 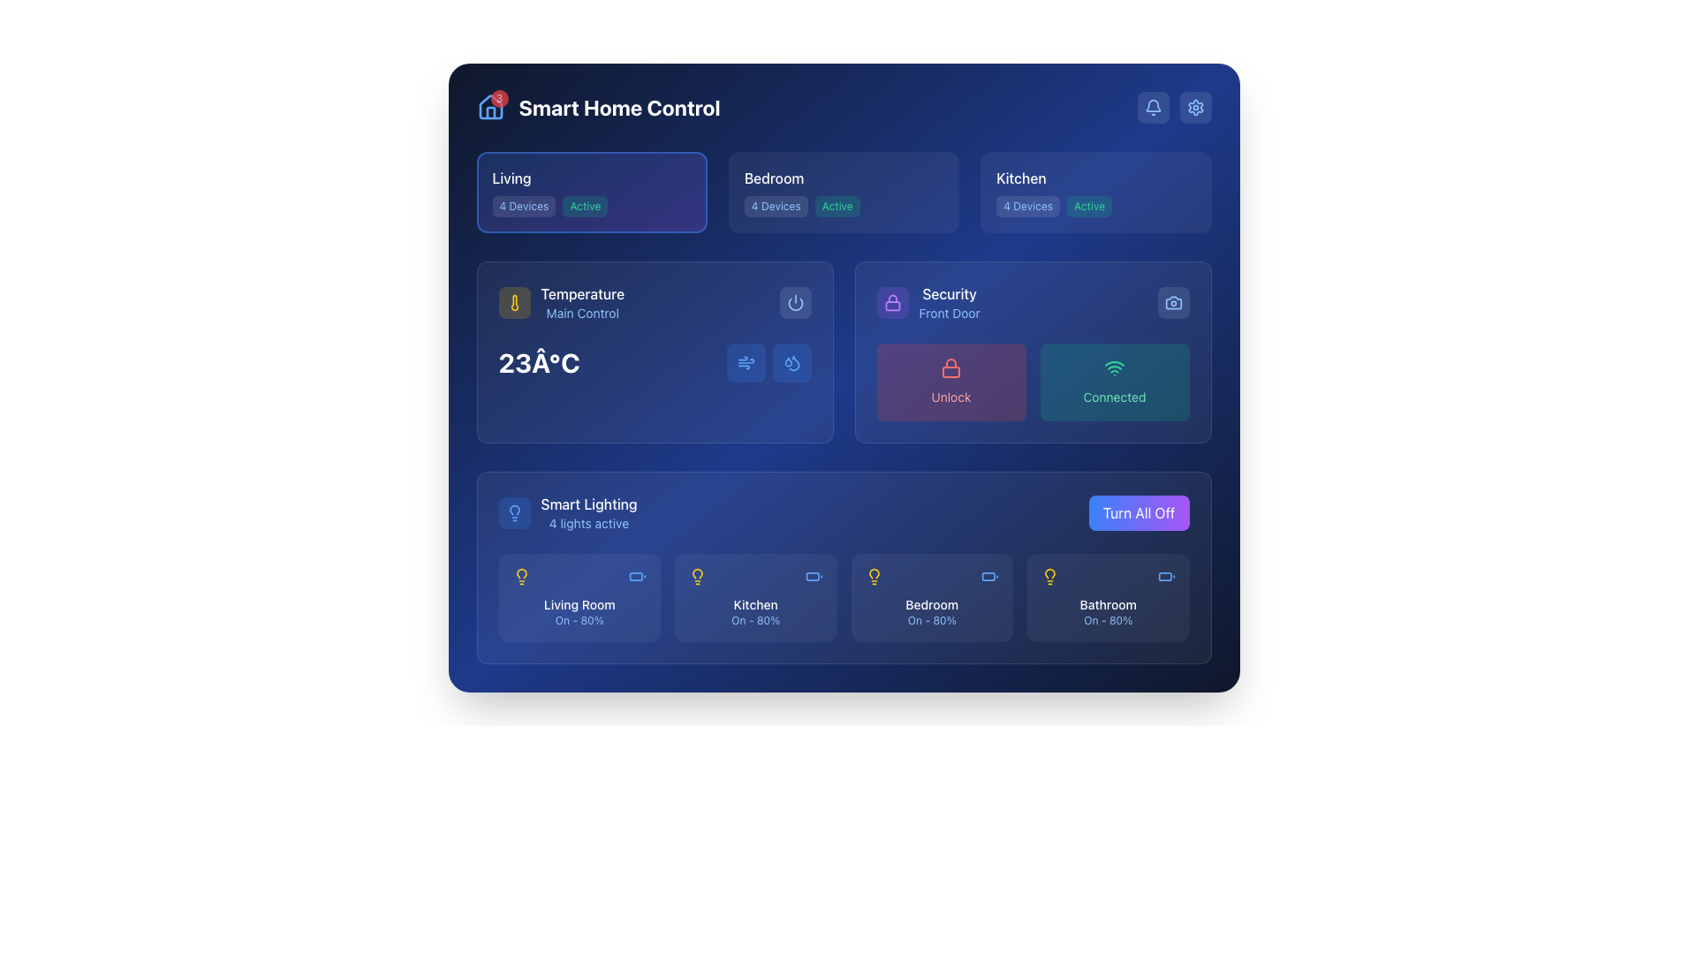 What do you see at coordinates (589, 523) in the screenshot?
I see `the text label displaying '4 lights active', which is located below 'Smart Lighting' in the lighting control section` at bounding box center [589, 523].